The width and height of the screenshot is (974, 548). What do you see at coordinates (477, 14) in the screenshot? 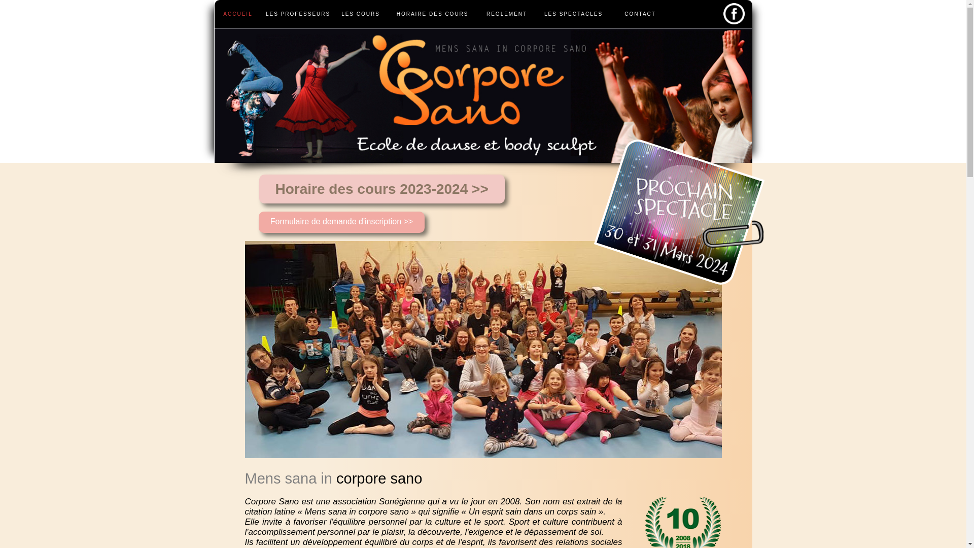
I see `'REGLEMENT'` at bounding box center [477, 14].